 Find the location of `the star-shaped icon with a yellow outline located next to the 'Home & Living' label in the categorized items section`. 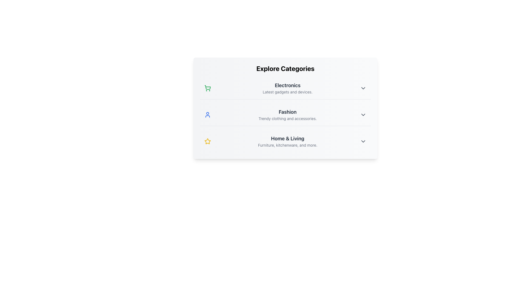

the star-shaped icon with a yellow outline located next to the 'Home & Living' label in the categorized items section is located at coordinates (207, 141).